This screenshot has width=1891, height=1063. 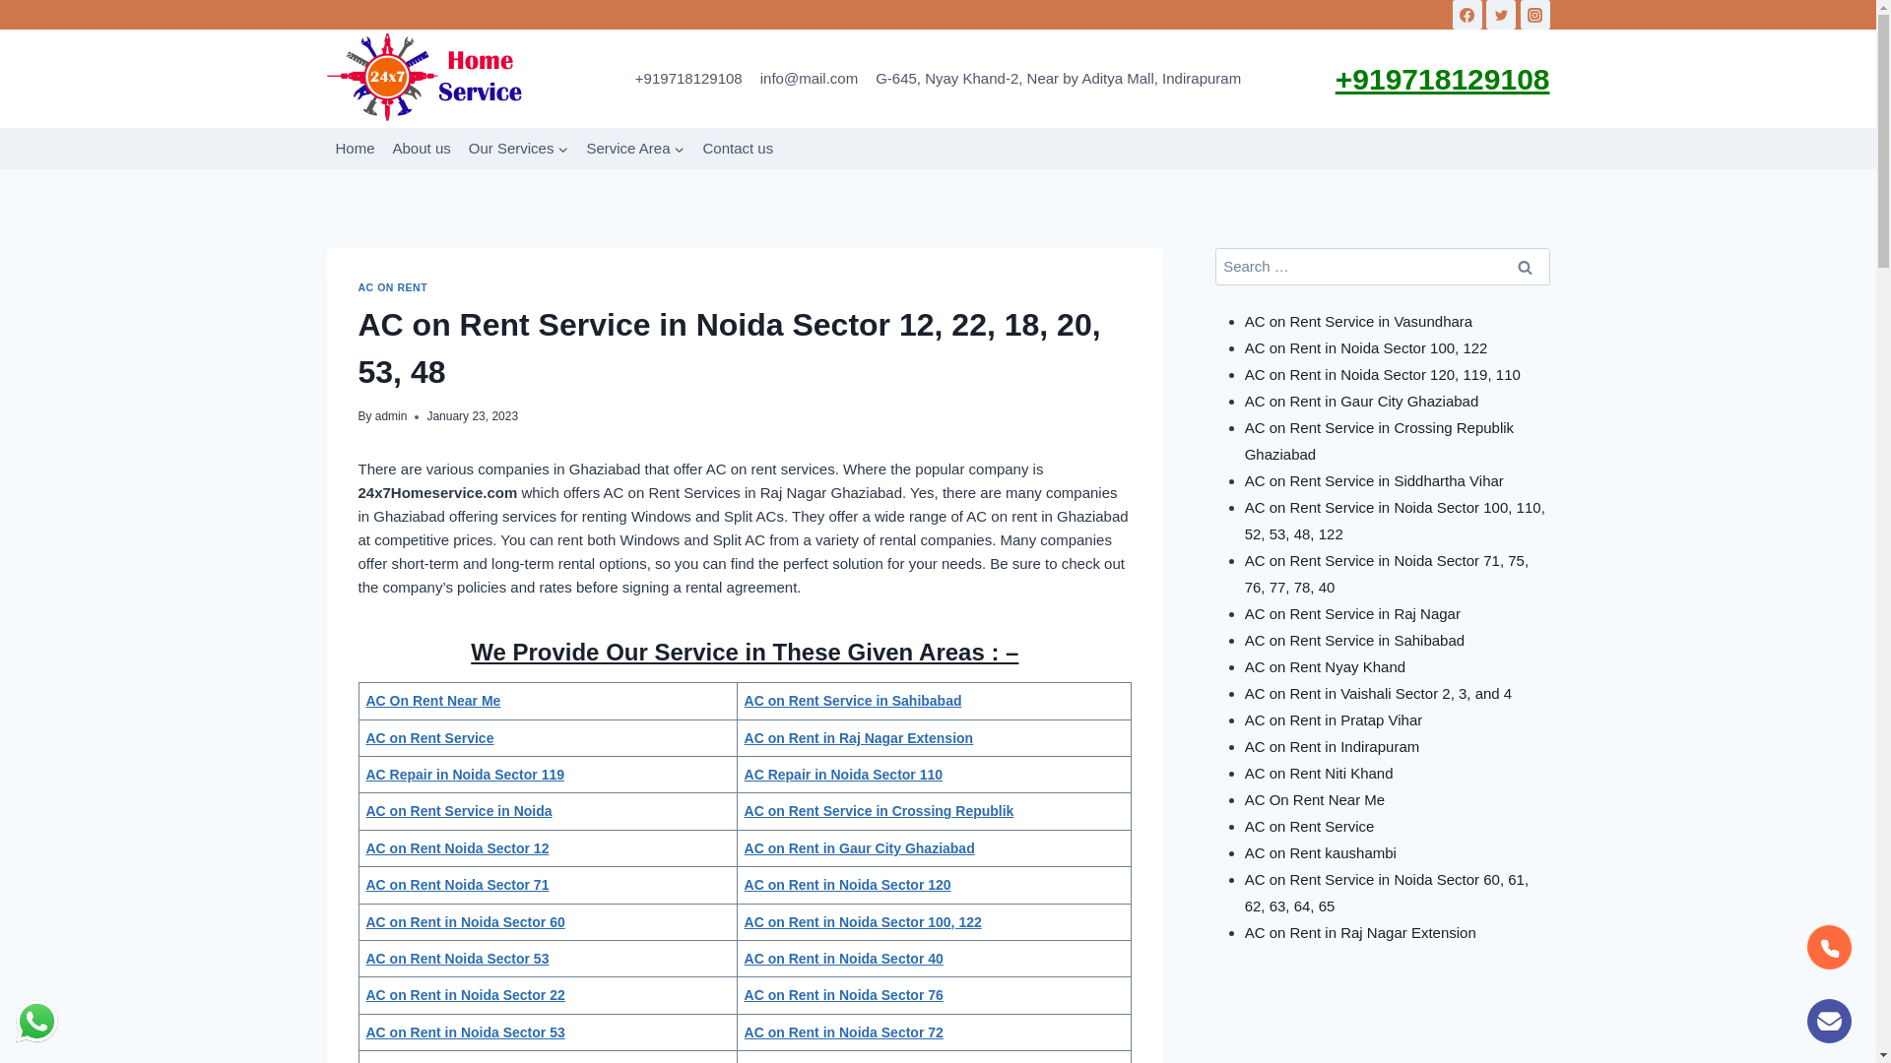 I want to click on 'AC on Rent in Noida Sector 100, 122', so click(x=863, y=922).